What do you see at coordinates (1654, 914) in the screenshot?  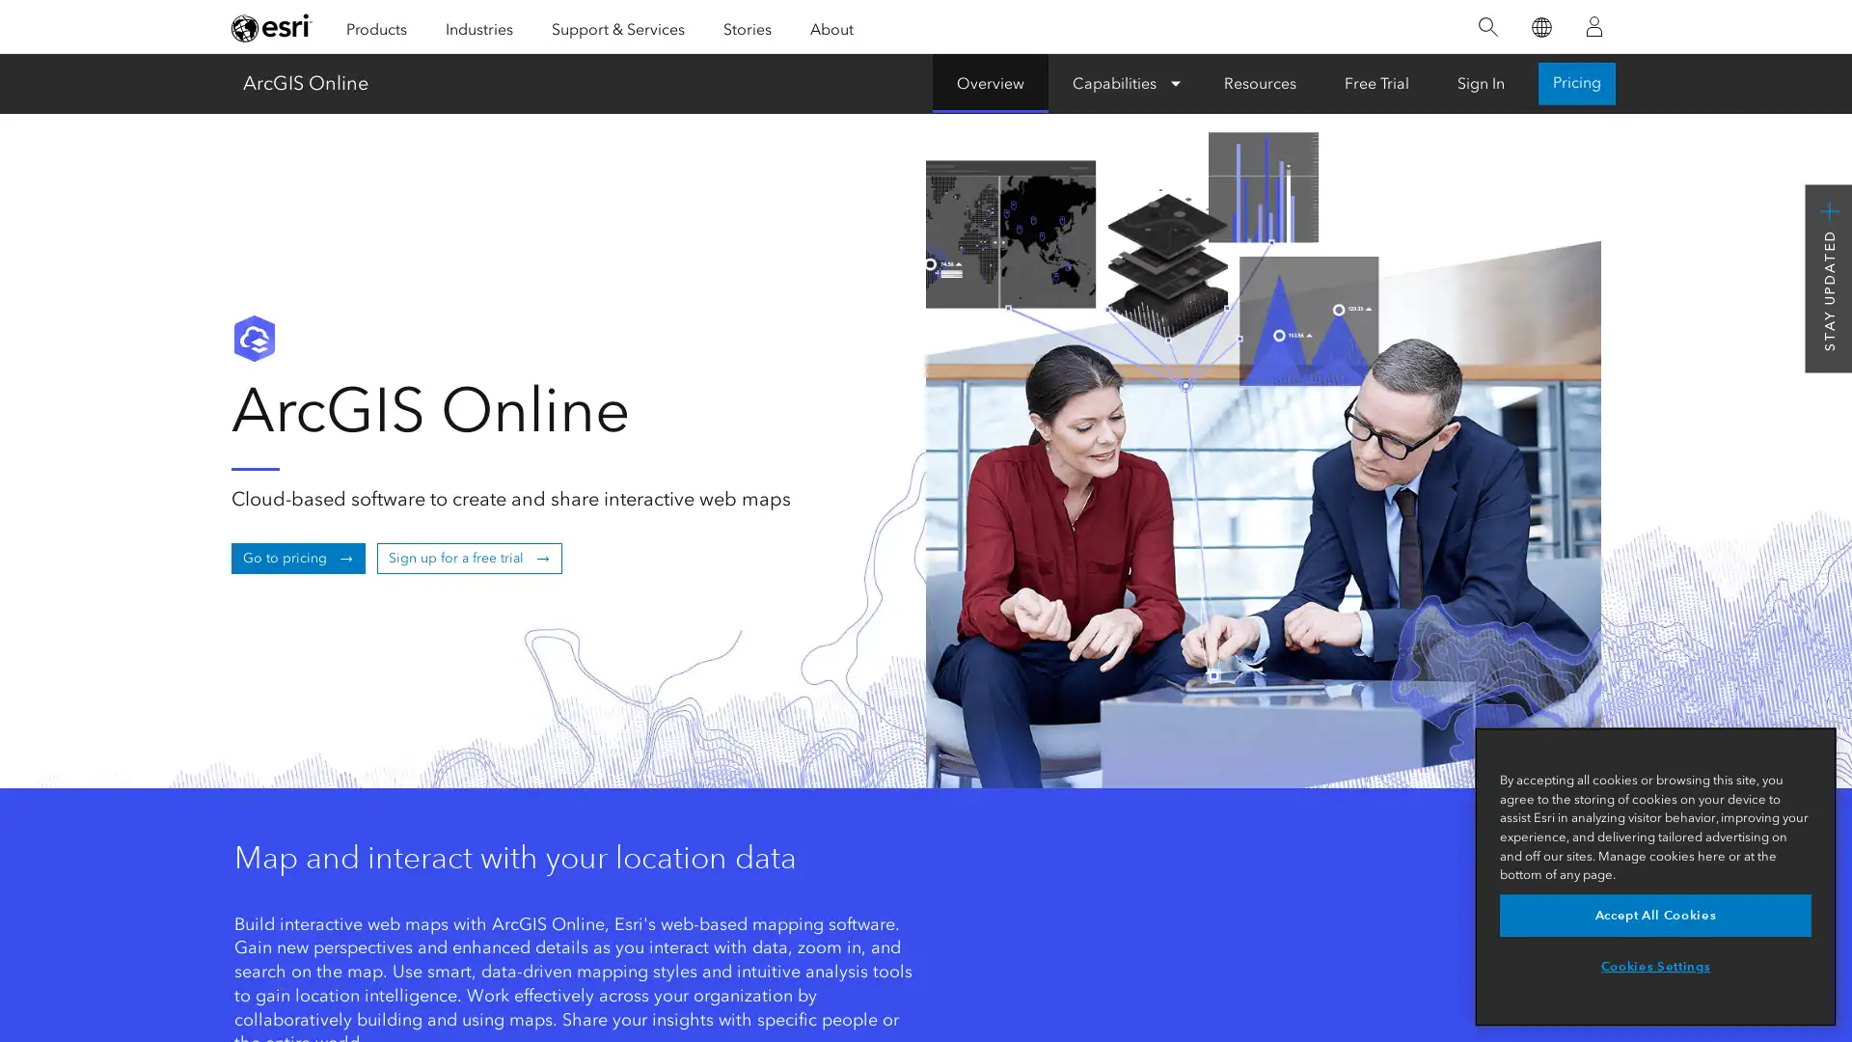 I see `Accept All Cookies` at bounding box center [1654, 914].